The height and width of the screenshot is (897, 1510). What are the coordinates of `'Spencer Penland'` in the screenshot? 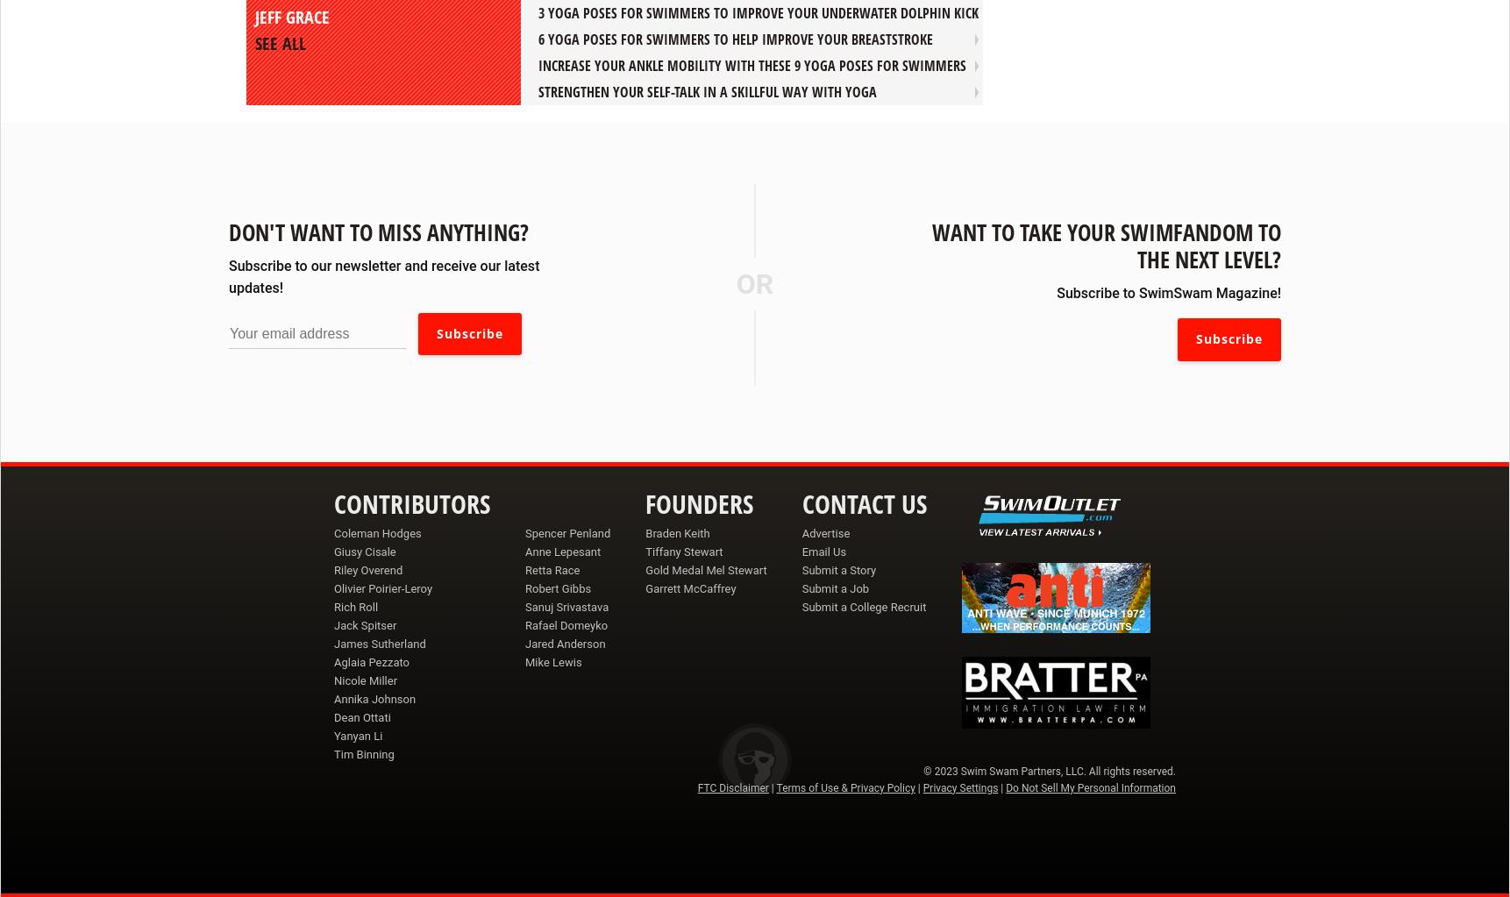 It's located at (567, 531).